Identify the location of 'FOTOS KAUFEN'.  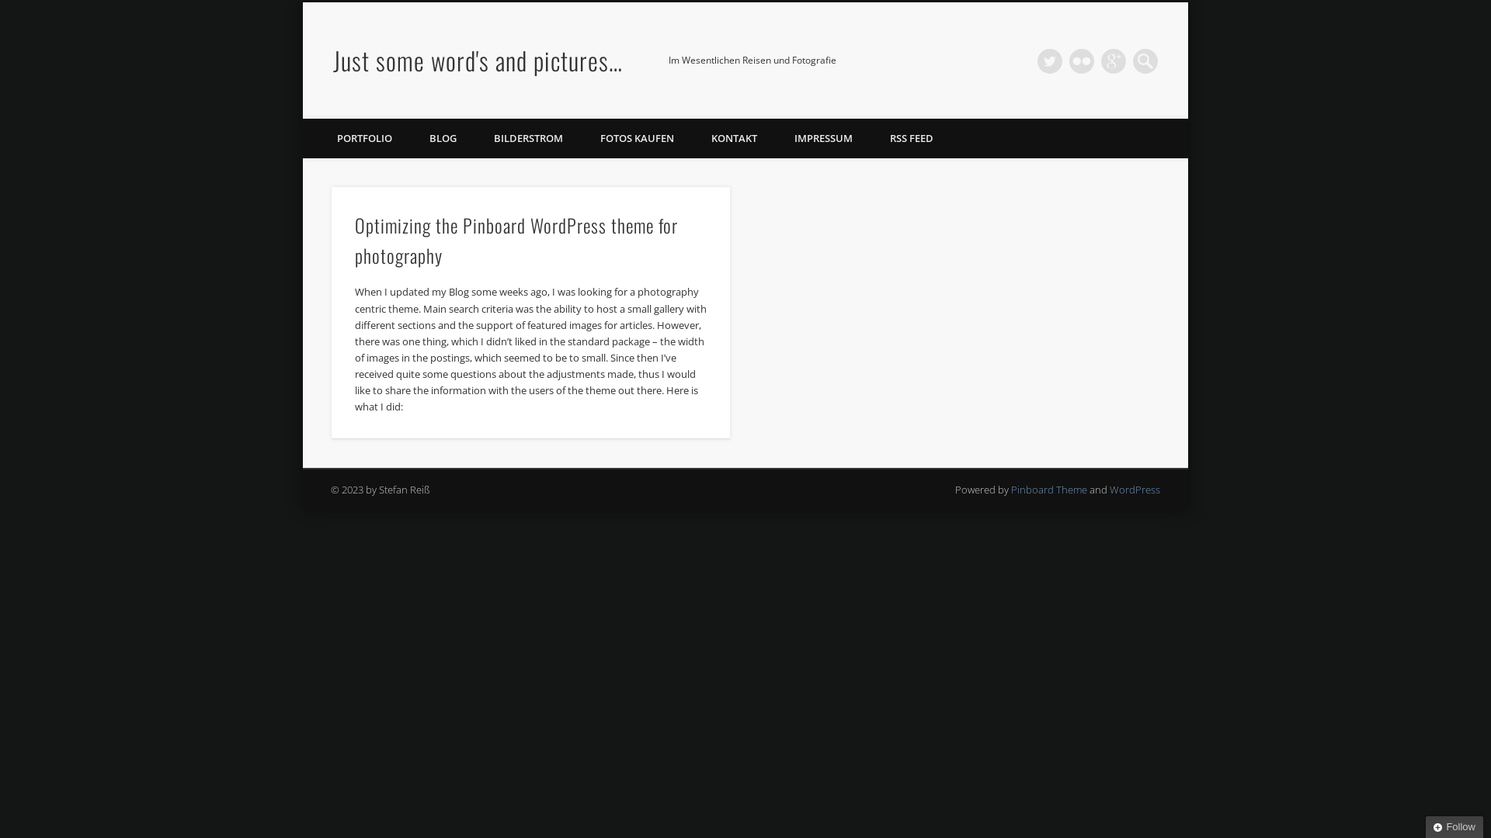
(637, 137).